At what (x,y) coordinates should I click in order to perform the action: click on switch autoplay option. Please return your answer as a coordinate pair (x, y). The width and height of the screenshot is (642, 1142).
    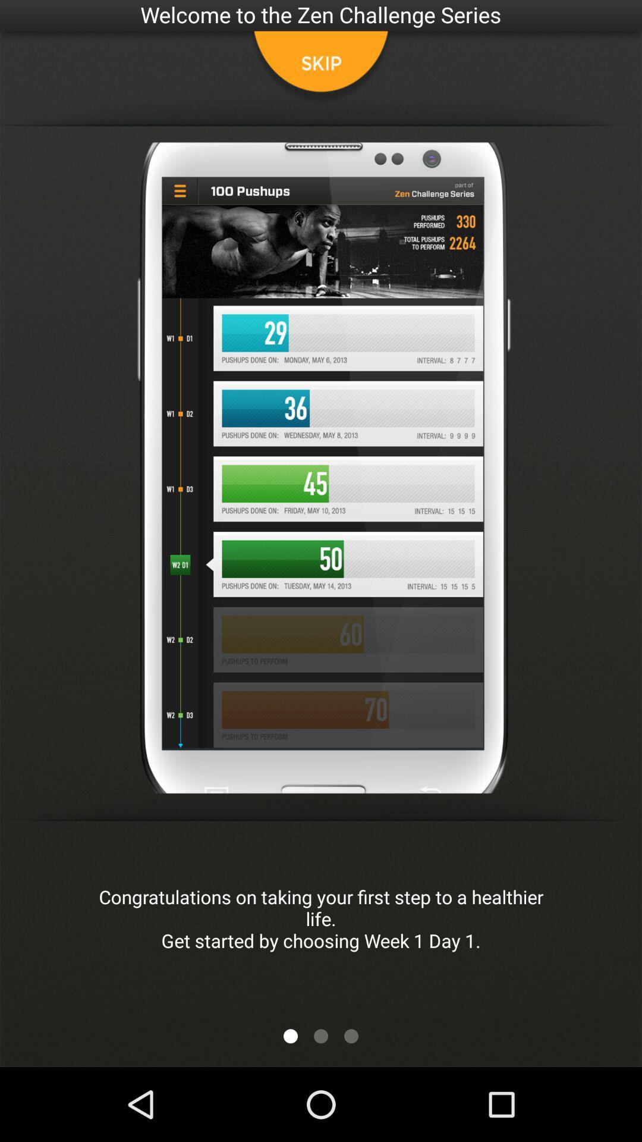
    Looking at the image, I should click on (291, 1036).